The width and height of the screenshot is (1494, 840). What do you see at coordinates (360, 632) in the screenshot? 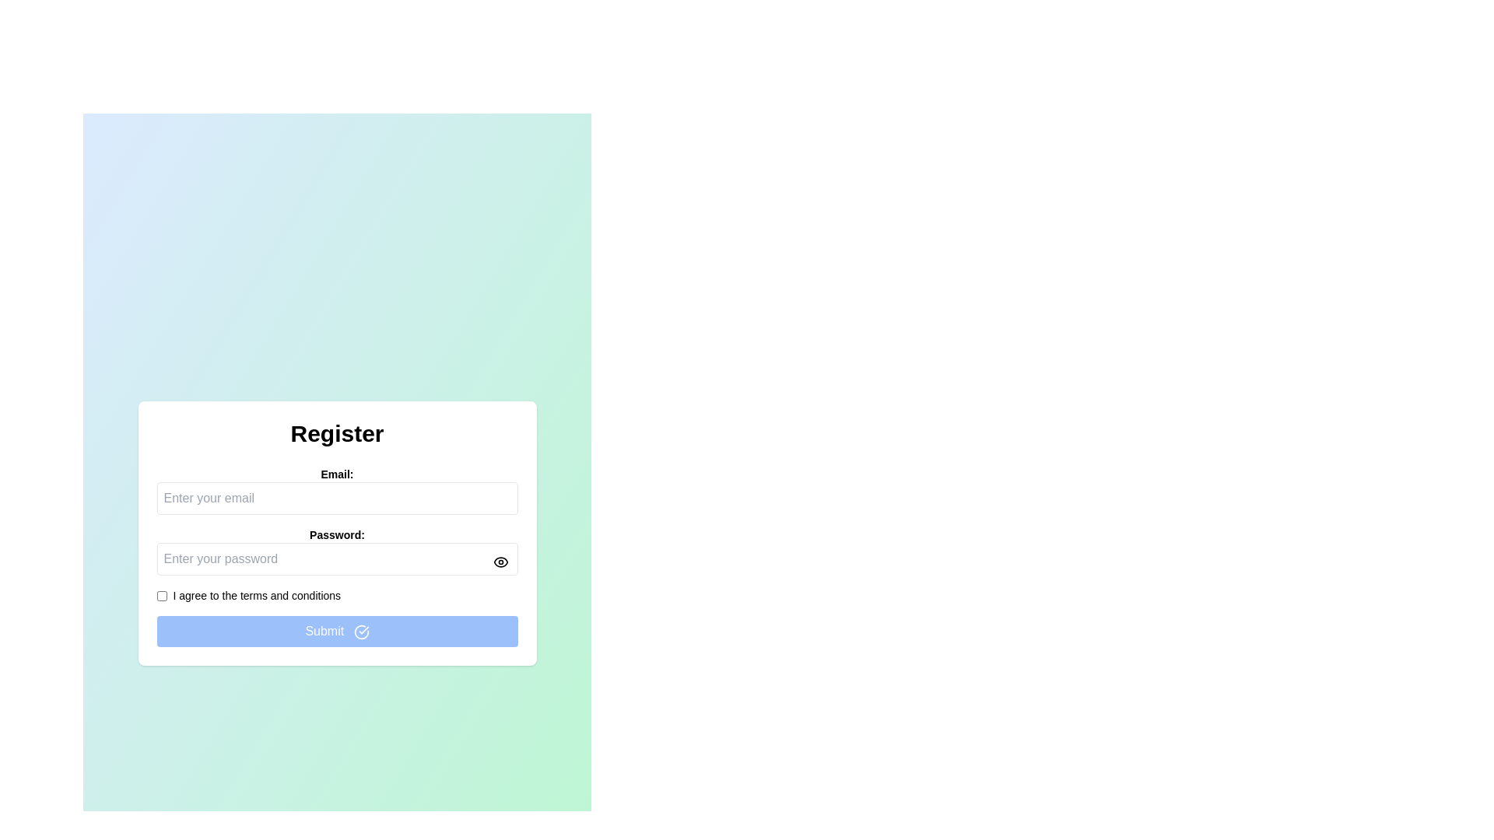
I see `the circular check mark icon with a blue background and white border, located on the right side of the 'Submit' button at the bottom of the registration form` at bounding box center [360, 632].